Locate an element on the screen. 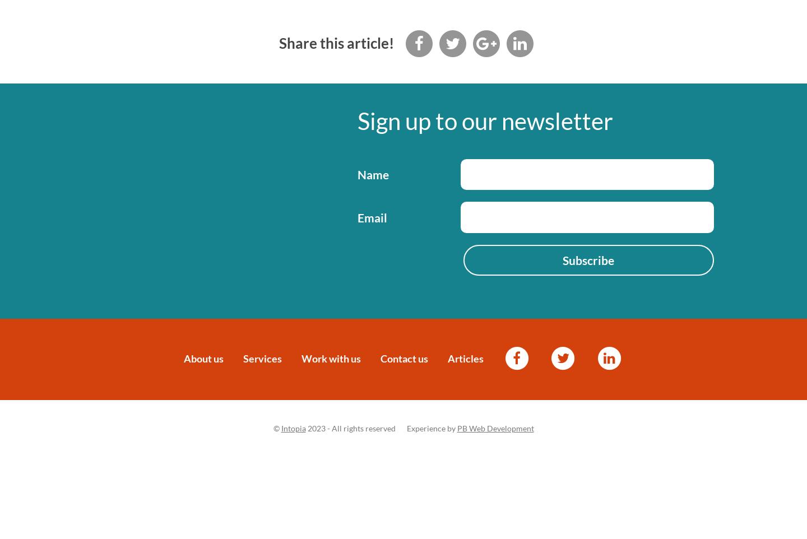  'Services' is located at coordinates (262, 357).